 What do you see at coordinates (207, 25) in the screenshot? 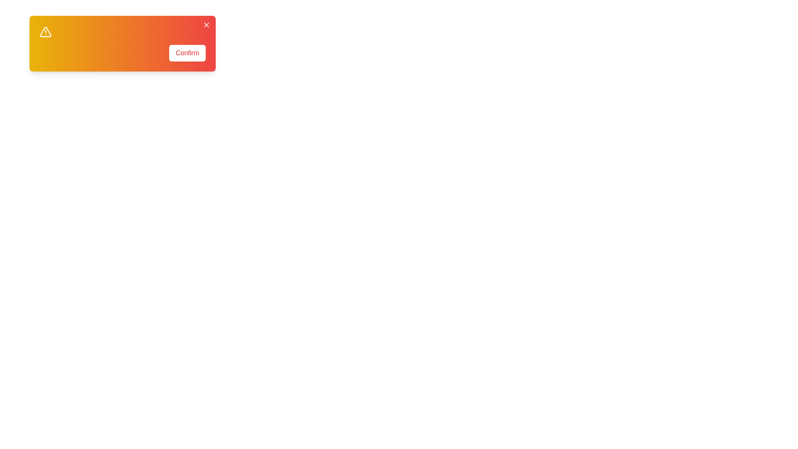
I see `the close button located at the top-right corner of the notification card to trigger hover effects` at bounding box center [207, 25].